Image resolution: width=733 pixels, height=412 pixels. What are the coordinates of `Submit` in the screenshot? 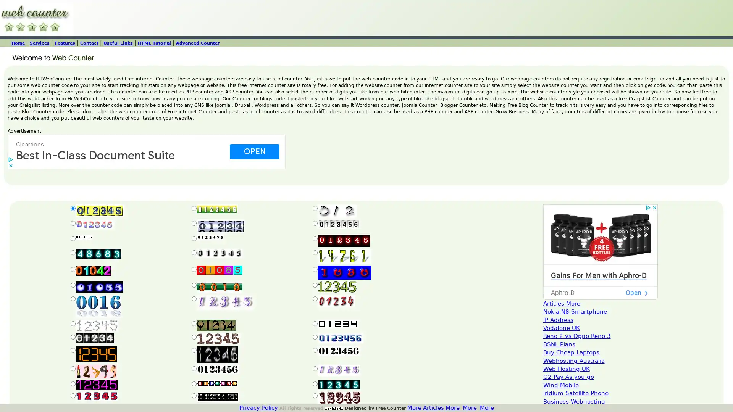 It's located at (219, 287).